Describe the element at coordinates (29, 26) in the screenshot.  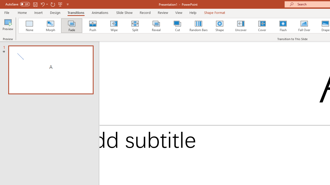
I see `'None'` at that location.